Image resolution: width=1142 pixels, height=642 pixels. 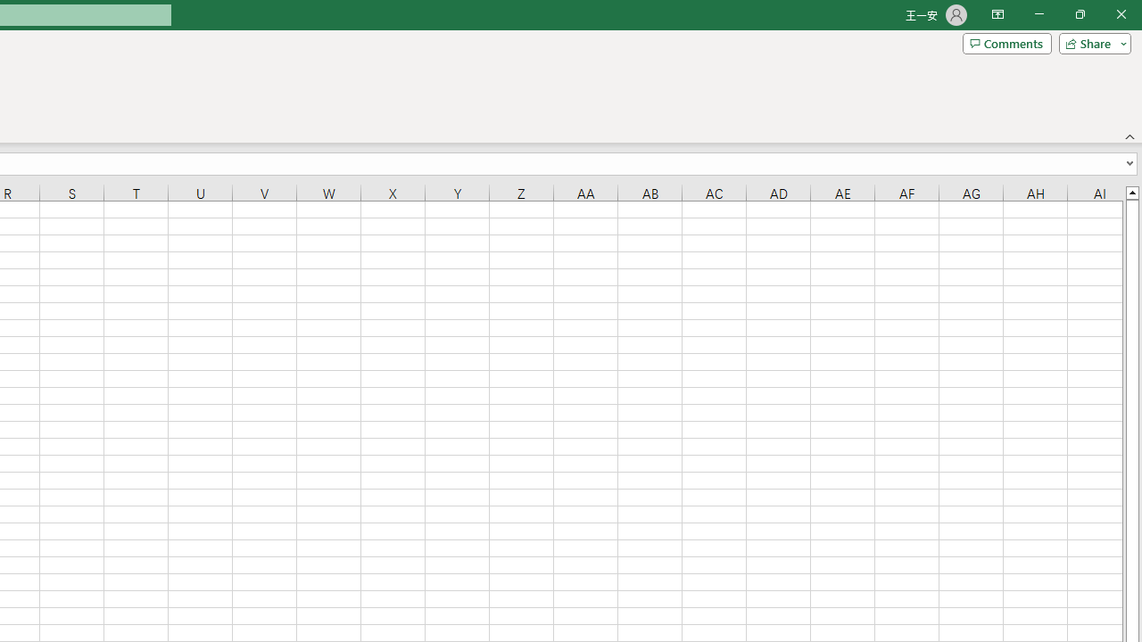 I want to click on 'Restore Down', so click(x=1079, y=14).